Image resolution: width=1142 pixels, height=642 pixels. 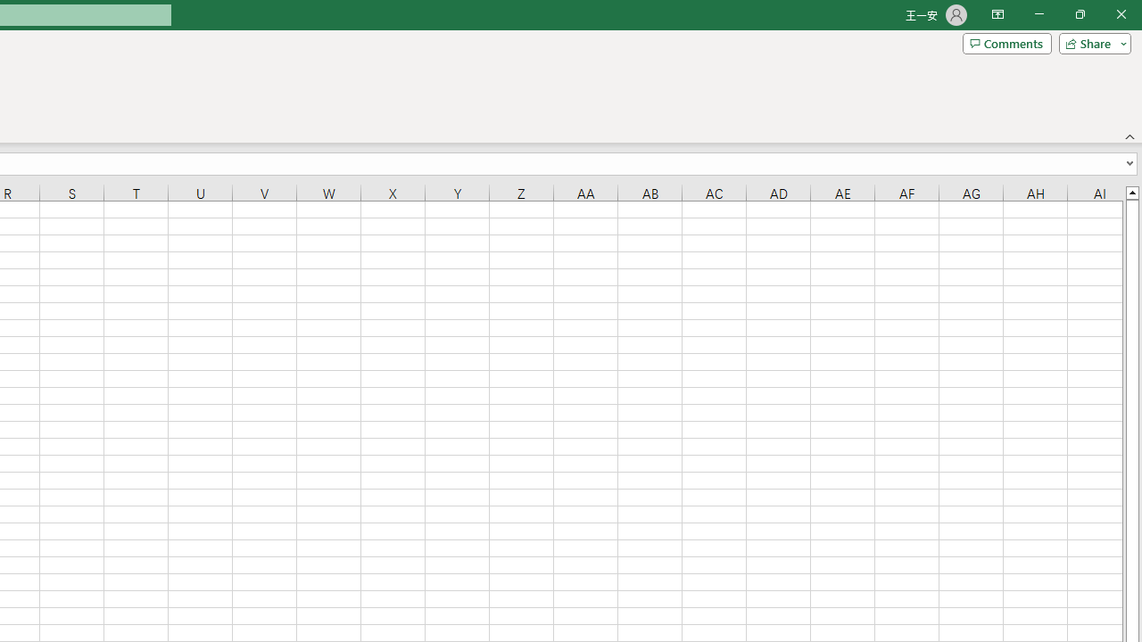 I want to click on 'Restore Down', so click(x=1079, y=14).